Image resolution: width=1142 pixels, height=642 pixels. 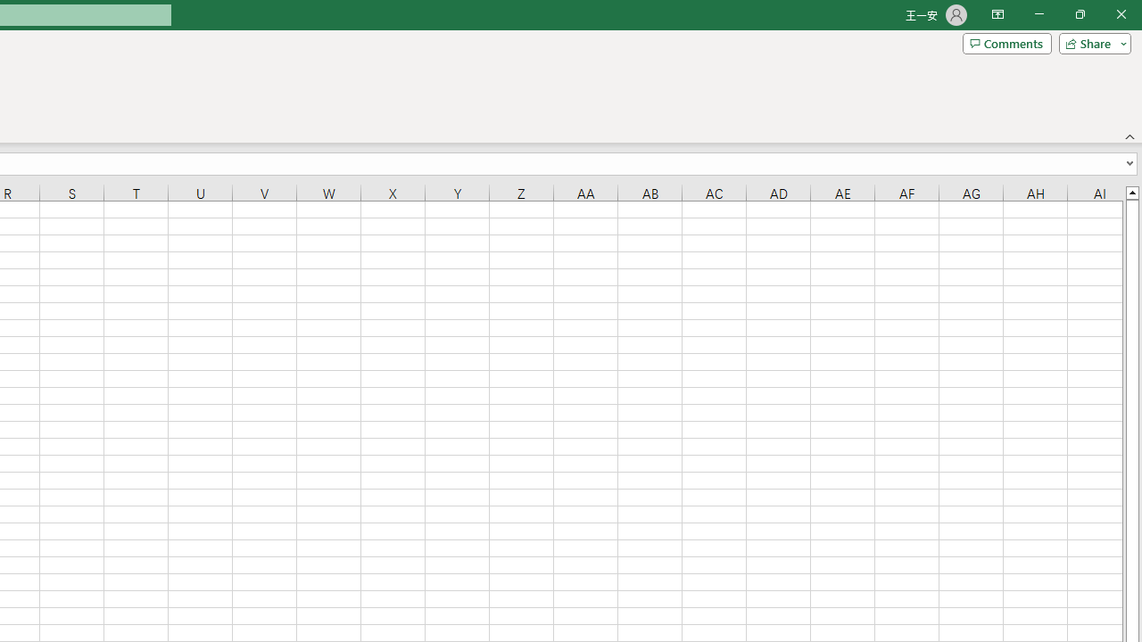 I want to click on 'Restore Down', so click(x=1079, y=14).